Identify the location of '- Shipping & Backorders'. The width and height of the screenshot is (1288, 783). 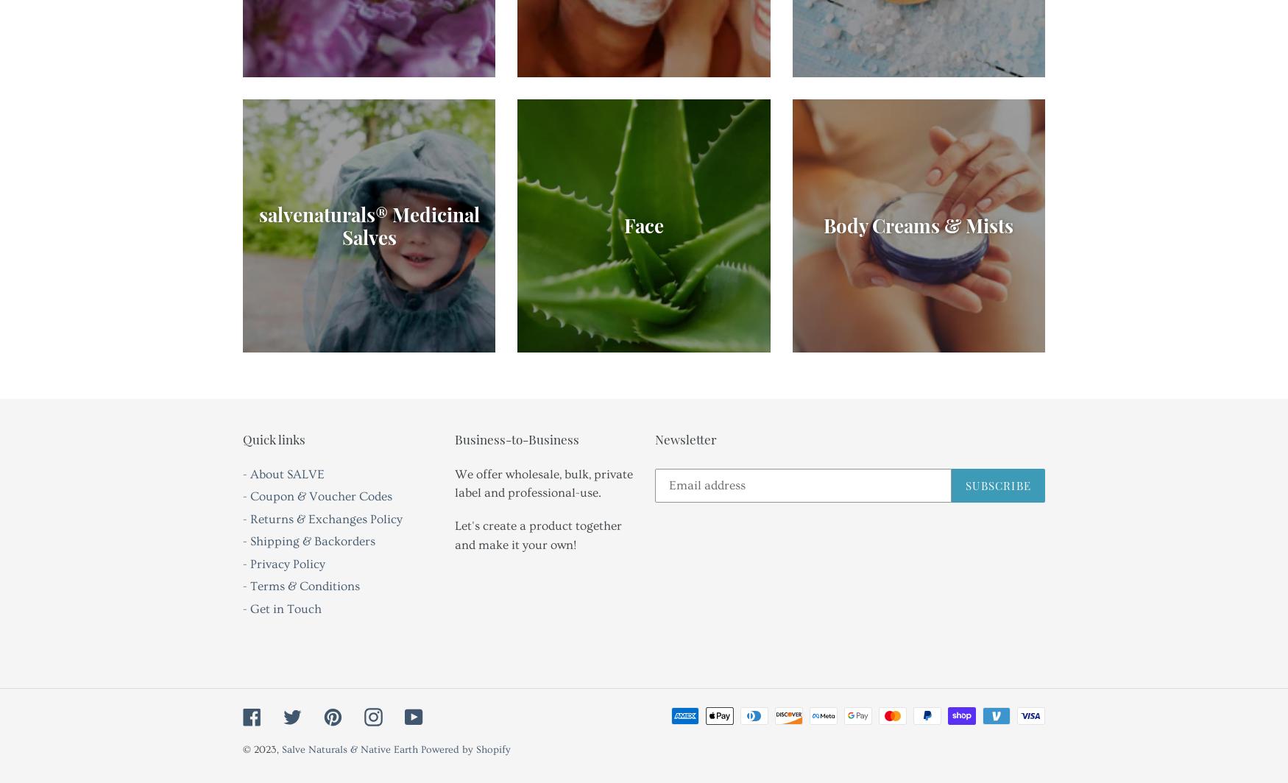
(243, 541).